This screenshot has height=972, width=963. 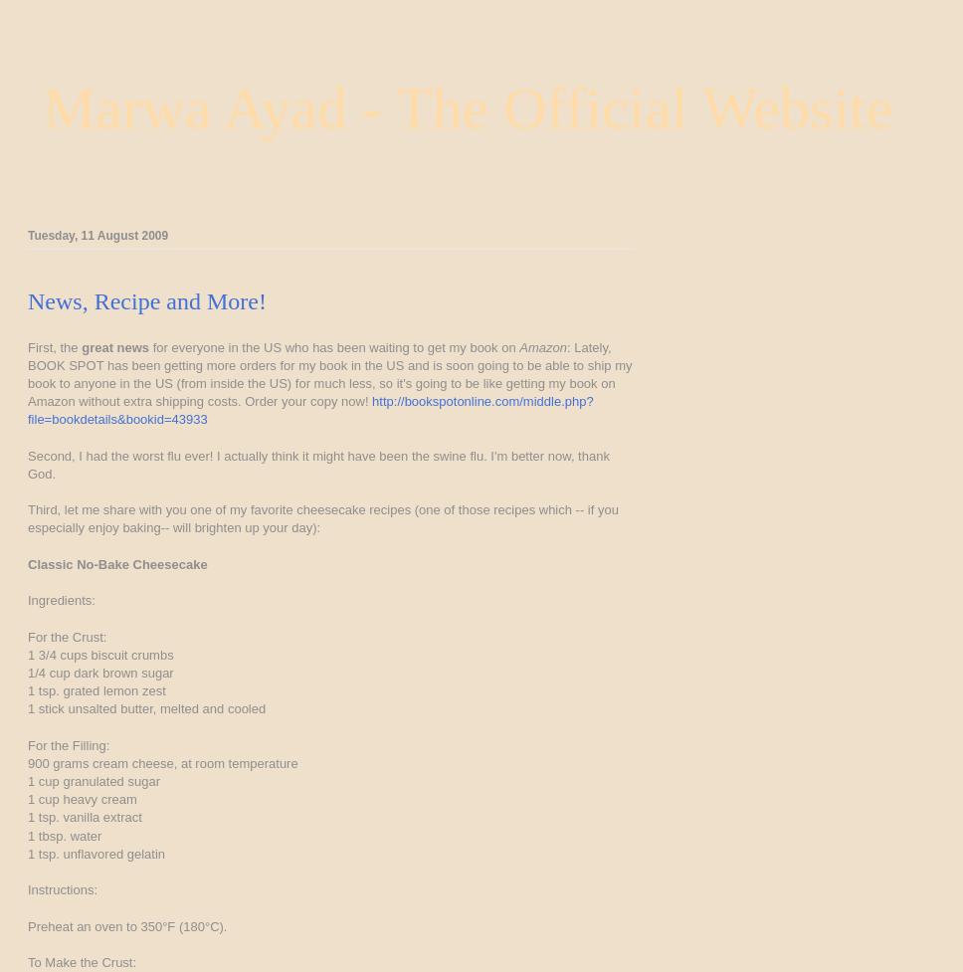 What do you see at coordinates (329, 374) in the screenshot?
I see `': Lately, BOOK SPOT has been getting more orders for my book in the US and is soon going to be able to ship my book to anyone in the US (from inside the US) for much less, so it's going to be like getting my book on Amazon without extra shipping costs. Order your copy now!'` at bounding box center [329, 374].